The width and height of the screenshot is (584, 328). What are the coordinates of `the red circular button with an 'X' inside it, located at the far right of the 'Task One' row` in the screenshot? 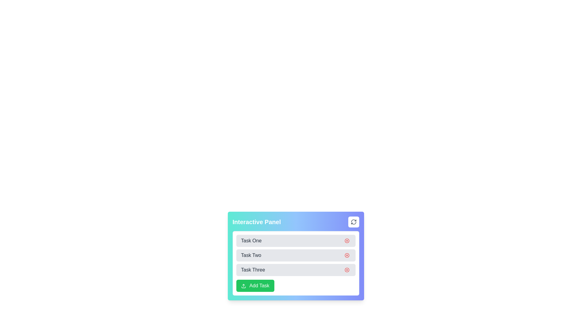 It's located at (347, 241).